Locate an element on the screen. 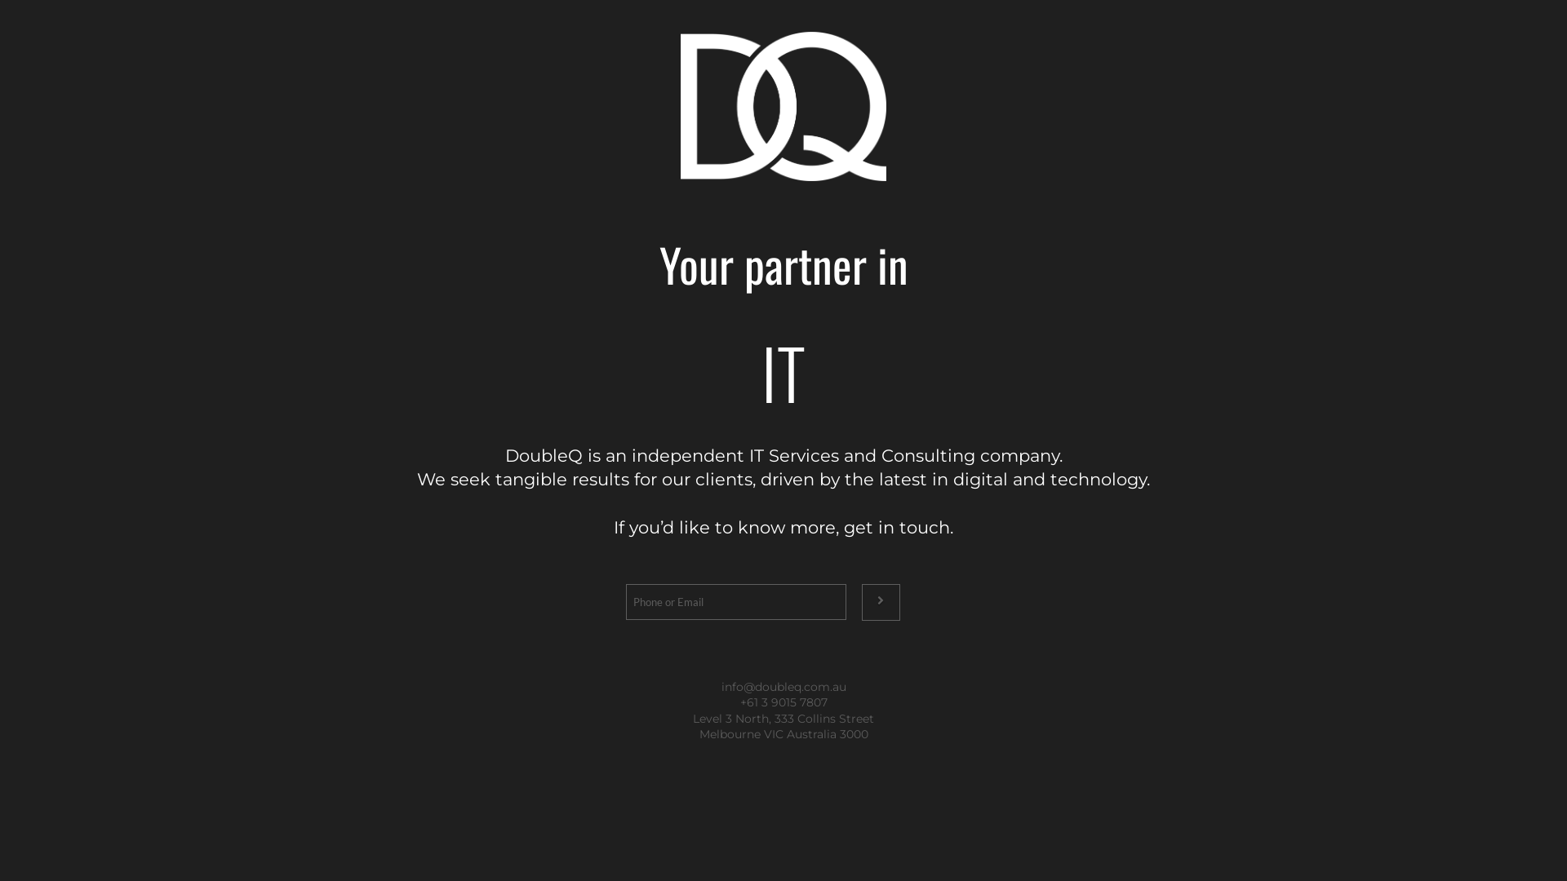 The height and width of the screenshot is (881, 1567). '+61 3 9015 7807' is located at coordinates (782, 701).